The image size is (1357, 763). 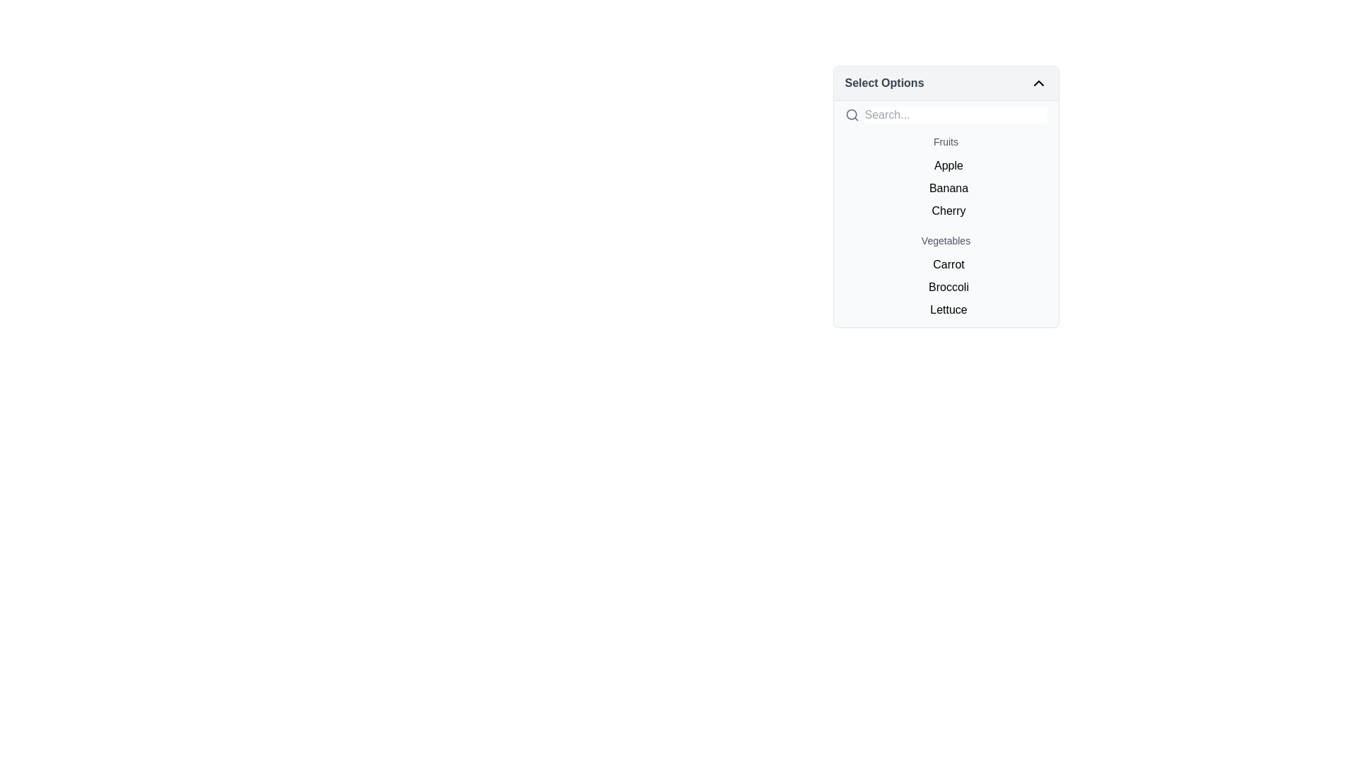 I want to click on the list item labeled 'Broccoli', which is the second item in the dropdown list under the 'Vegetables' category, so click(x=948, y=287).